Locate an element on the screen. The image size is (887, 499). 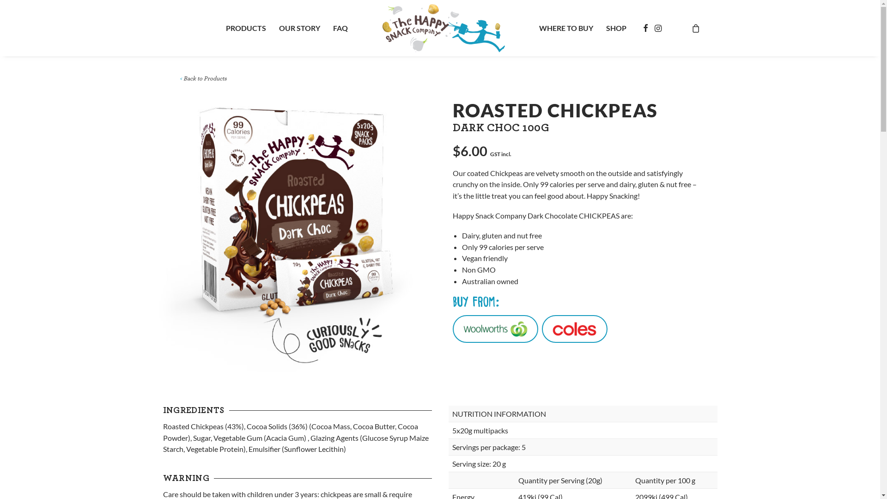
'SHOP' is located at coordinates (616, 28).